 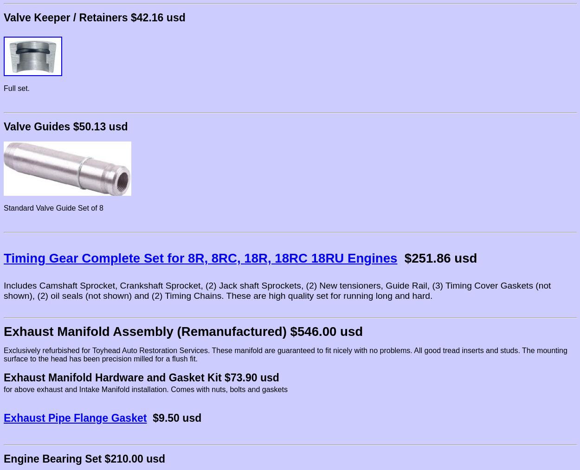 What do you see at coordinates (21, 458) in the screenshot?
I see `'Engine'` at bounding box center [21, 458].